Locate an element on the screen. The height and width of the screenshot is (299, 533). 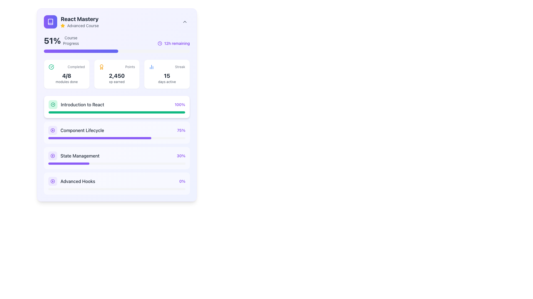
the text label displaying 'Course' in a small, gray font located in the header section of the dashboard, positioned above the progress bar is located at coordinates (71, 38).